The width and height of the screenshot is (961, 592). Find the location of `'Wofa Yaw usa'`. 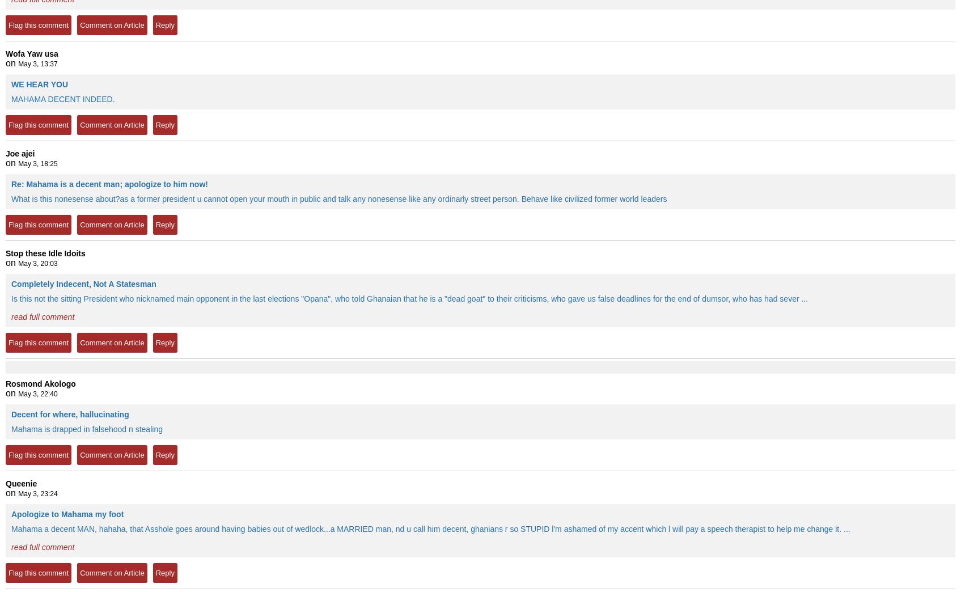

'Wofa Yaw usa' is located at coordinates (31, 54).